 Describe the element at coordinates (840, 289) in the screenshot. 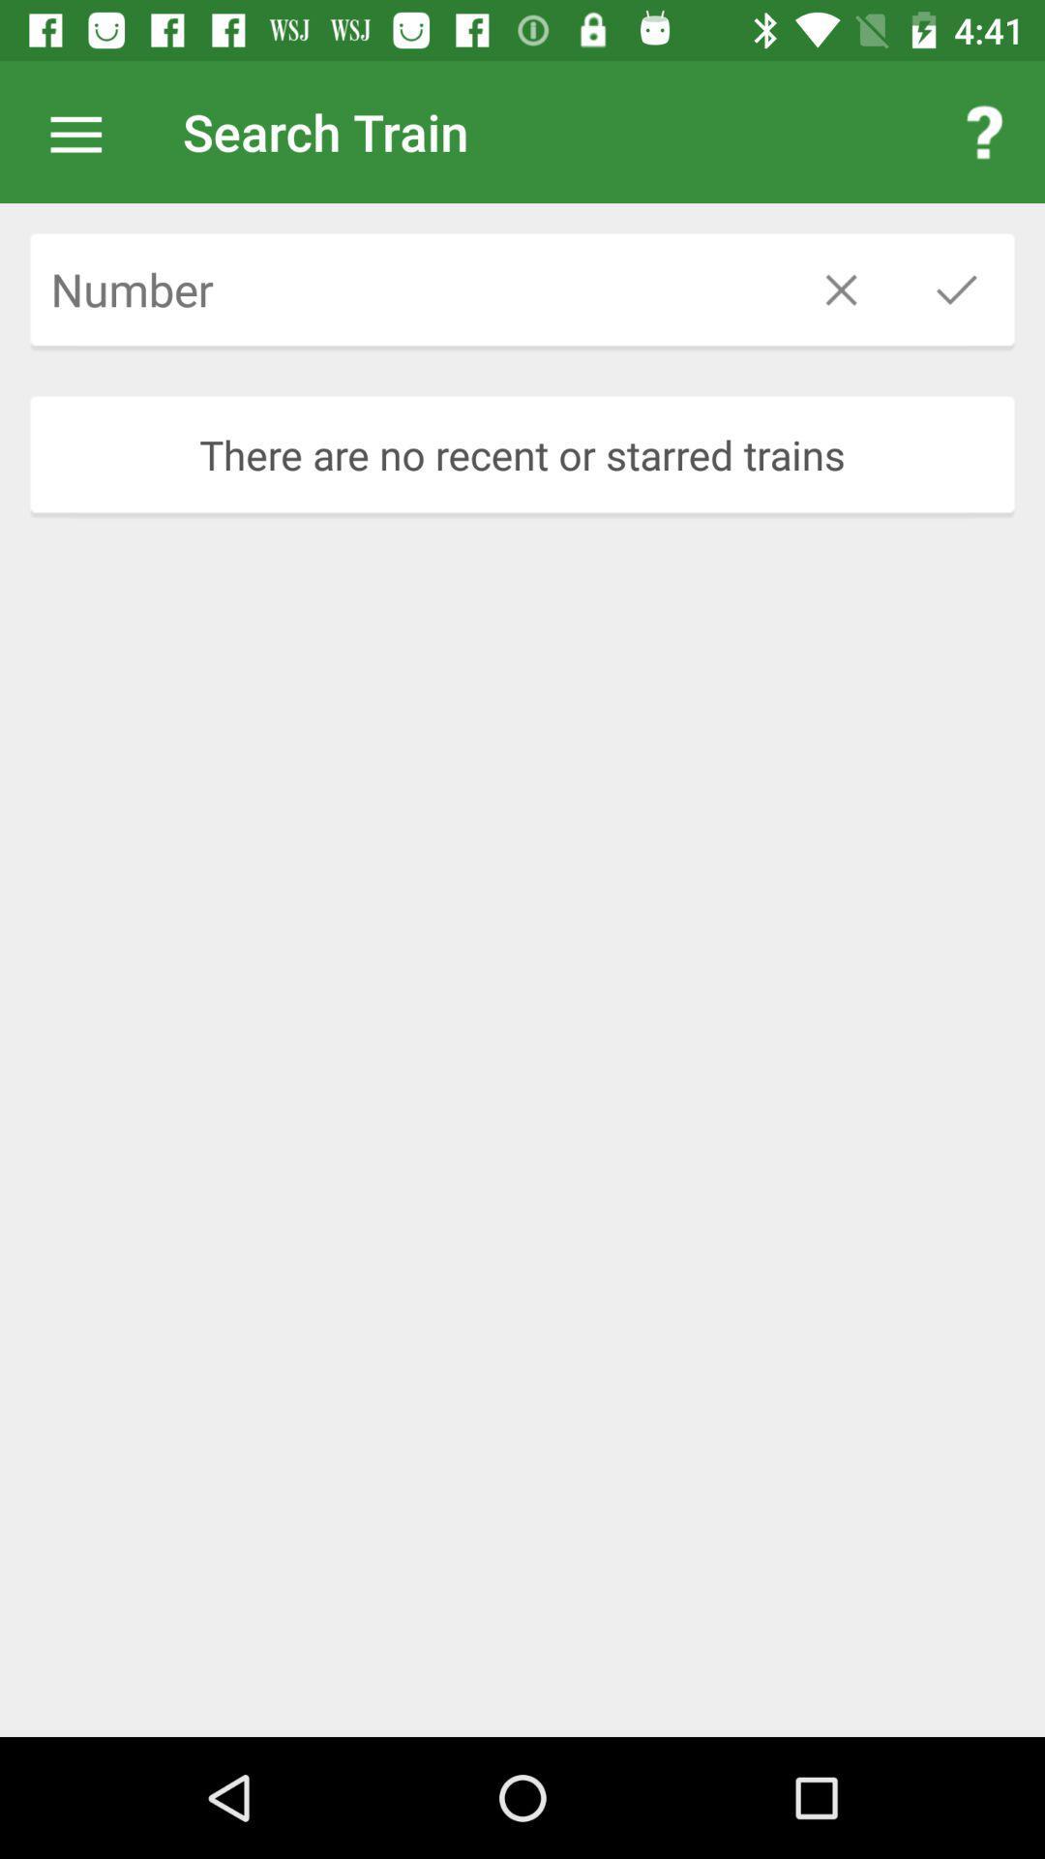

I see `the icon above the there are no` at that location.